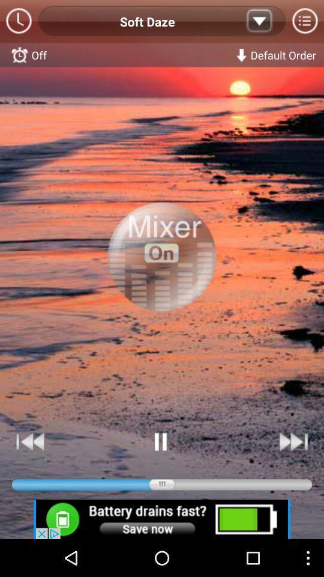 Image resolution: width=324 pixels, height=577 pixels. What do you see at coordinates (18, 21) in the screenshot?
I see `time option` at bounding box center [18, 21].